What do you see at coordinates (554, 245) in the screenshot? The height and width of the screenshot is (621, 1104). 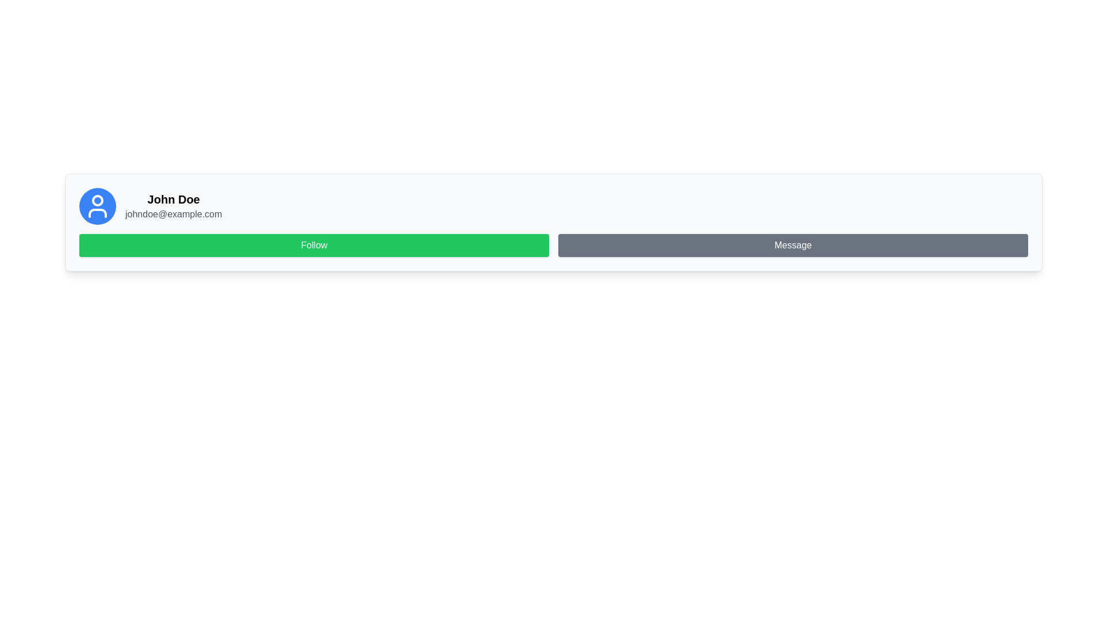 I see `the button group containing the 'Follow' and 'Message' buttons, which are styled with rounded corners and shadows, located under the user information panel for 'John Doe'` at bounding box center [554, 245].